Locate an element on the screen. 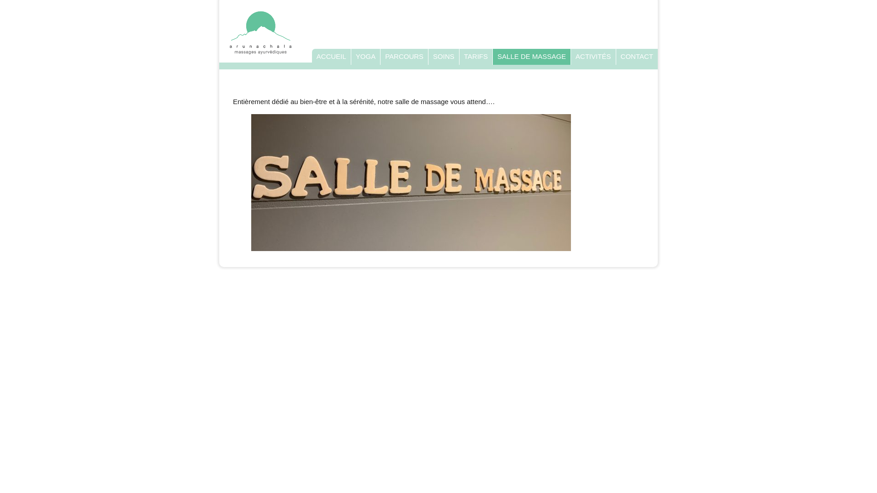 This screenshot has height=493, width=877. 'TARIFS' is located at coordinates (475, 56).